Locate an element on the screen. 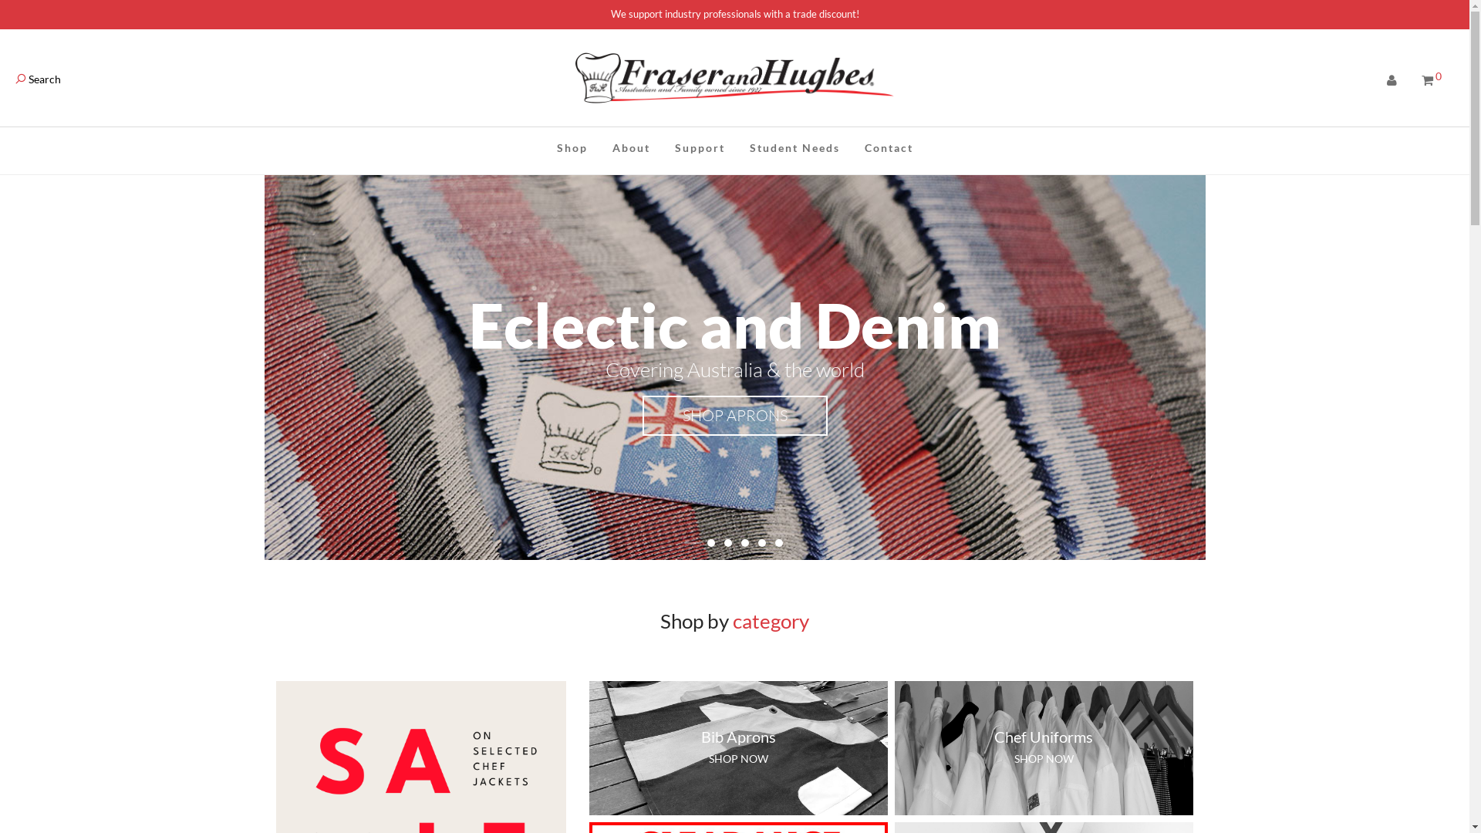  'Shop' is located at coordinates (544, 147).